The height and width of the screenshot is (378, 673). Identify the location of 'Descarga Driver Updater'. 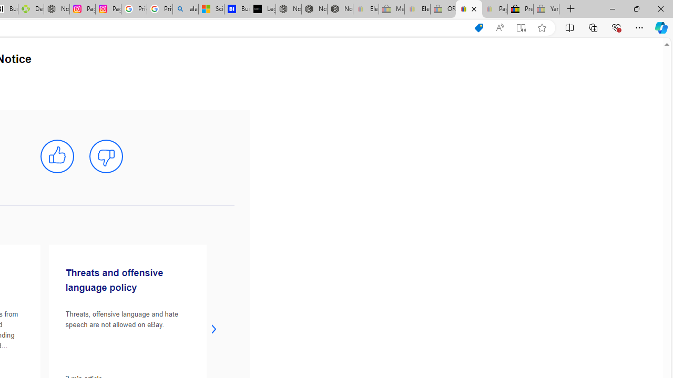
(30, 9).